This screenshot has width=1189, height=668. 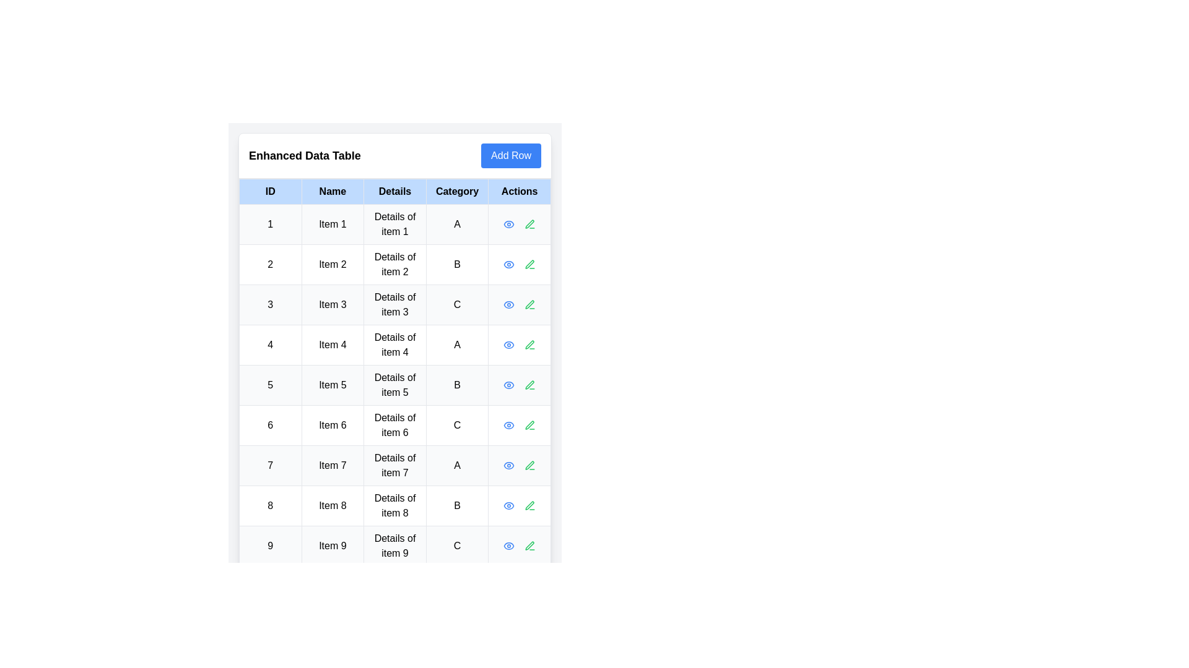 I want to click on the circular blue eye icon button located in the 'Actions' column of the data table, aligned with row labeled '1', so click(x=509, y=224).